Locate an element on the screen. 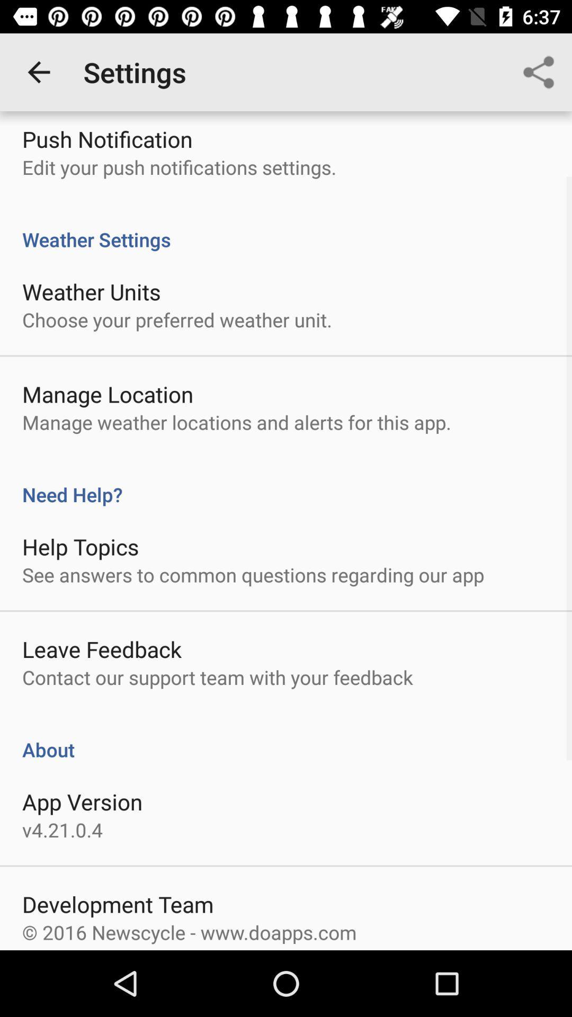  the icon above the weather settings is located at coordinates (539, 72).